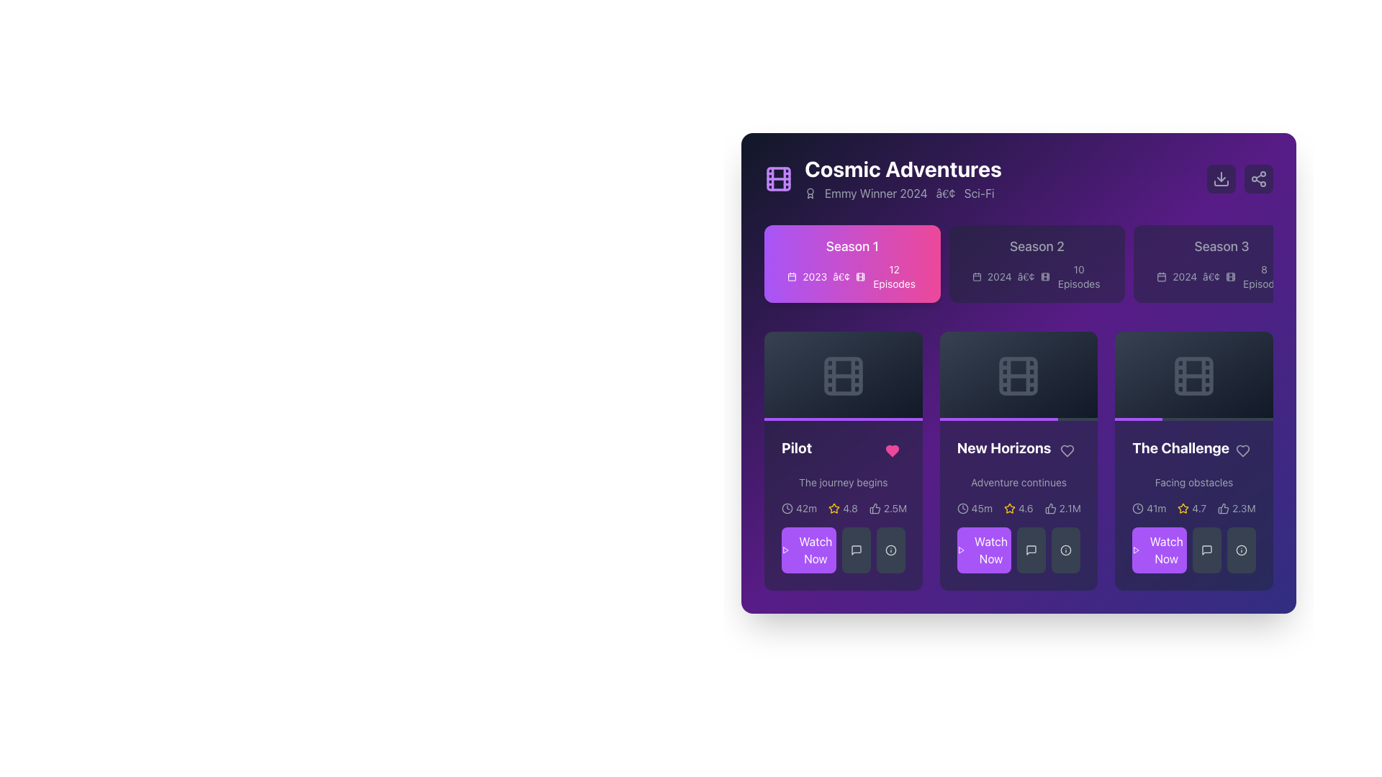  I want to click on the text label displaying 'Cosmic Adventures', which is prominently placed at the center-top of the right panel, above the 'Emmy Winner 2024 • Sci-Fi' label, so click(902, 168).